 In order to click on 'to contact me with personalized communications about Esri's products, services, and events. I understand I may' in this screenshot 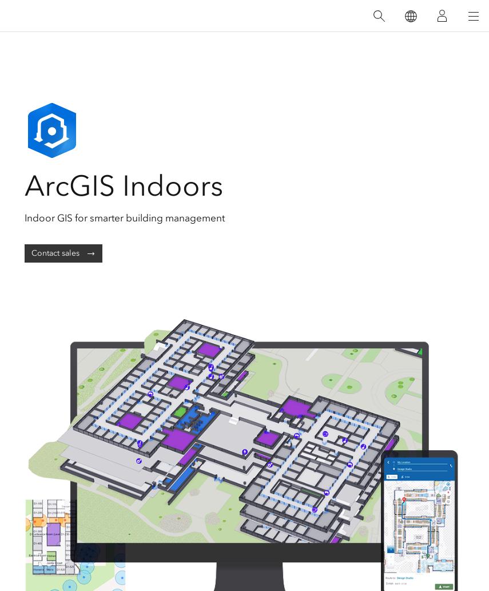, I will do `click(252, 136)`.